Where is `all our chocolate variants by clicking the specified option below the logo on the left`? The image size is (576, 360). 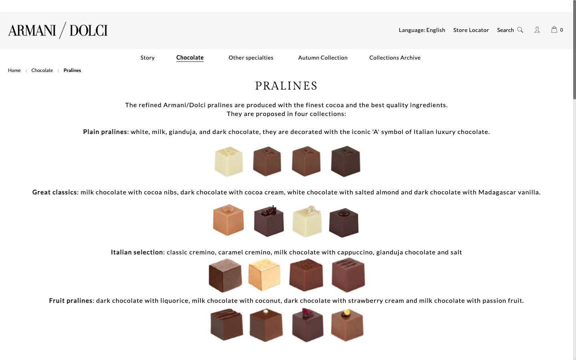 all our chocolate variants by clicking the specified option below the logo on the left is located at coordinates (42, 70).